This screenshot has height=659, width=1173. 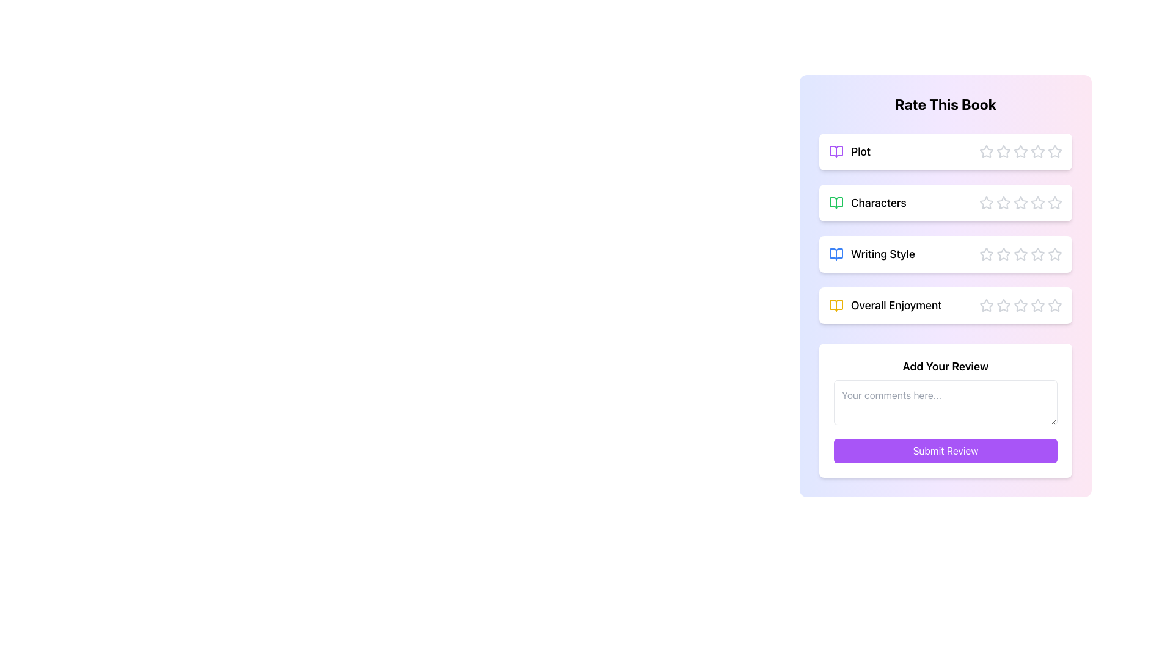 I want to click on on the third star icon in the 5-star rating row for the 'Writing Style' category, so click(x=1054, y=253).